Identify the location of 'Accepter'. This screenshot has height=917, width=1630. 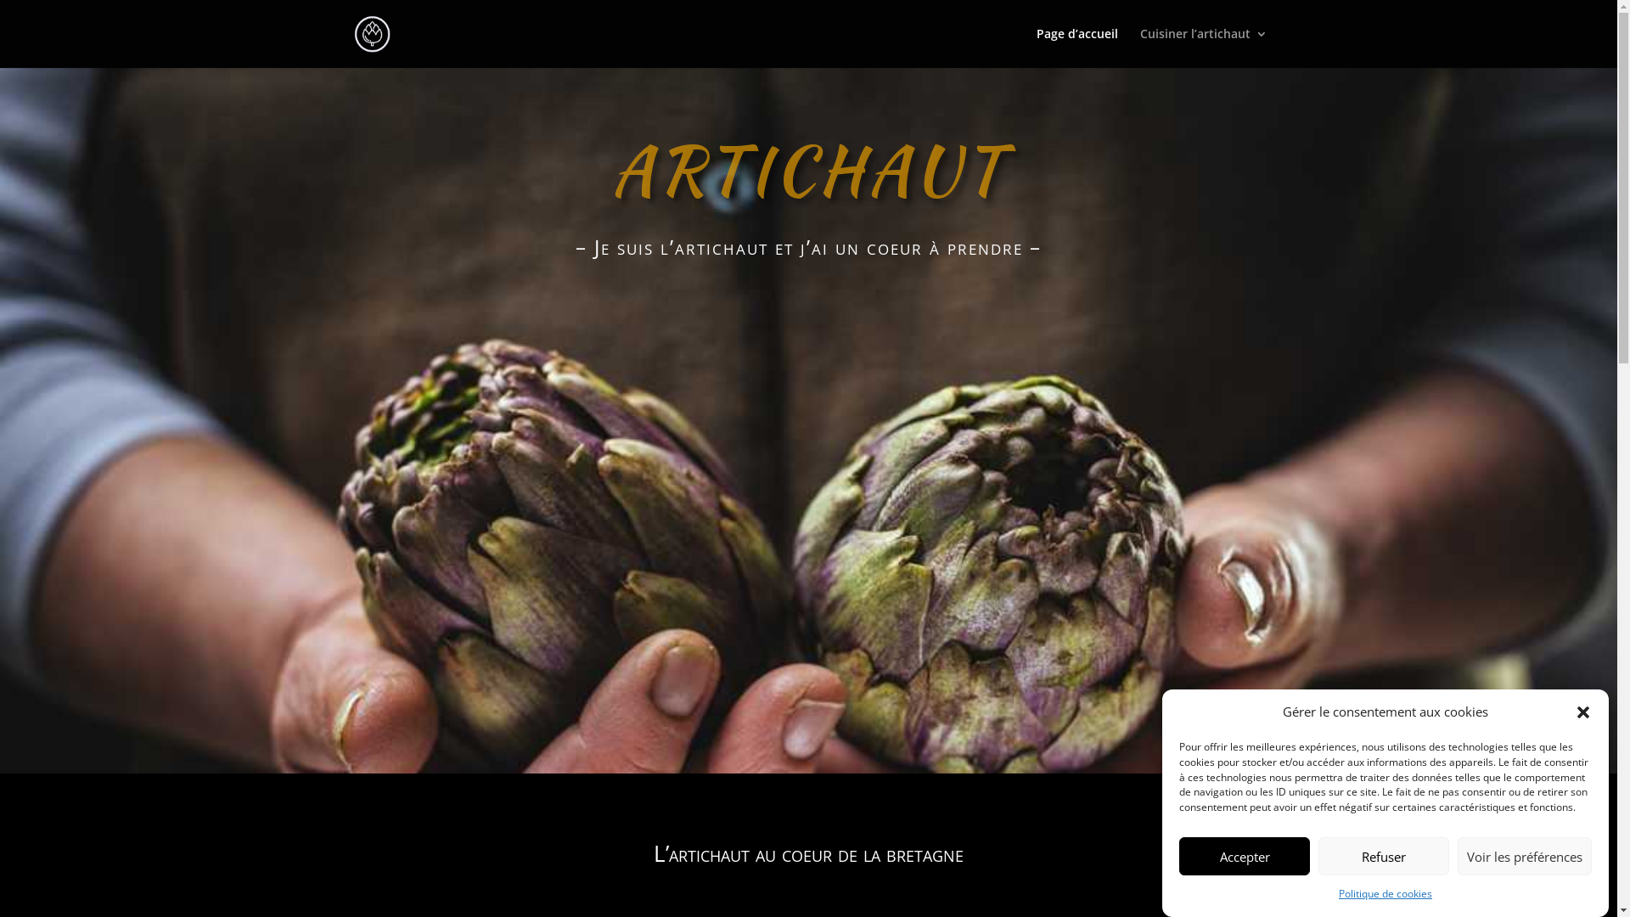
(1244, 856).